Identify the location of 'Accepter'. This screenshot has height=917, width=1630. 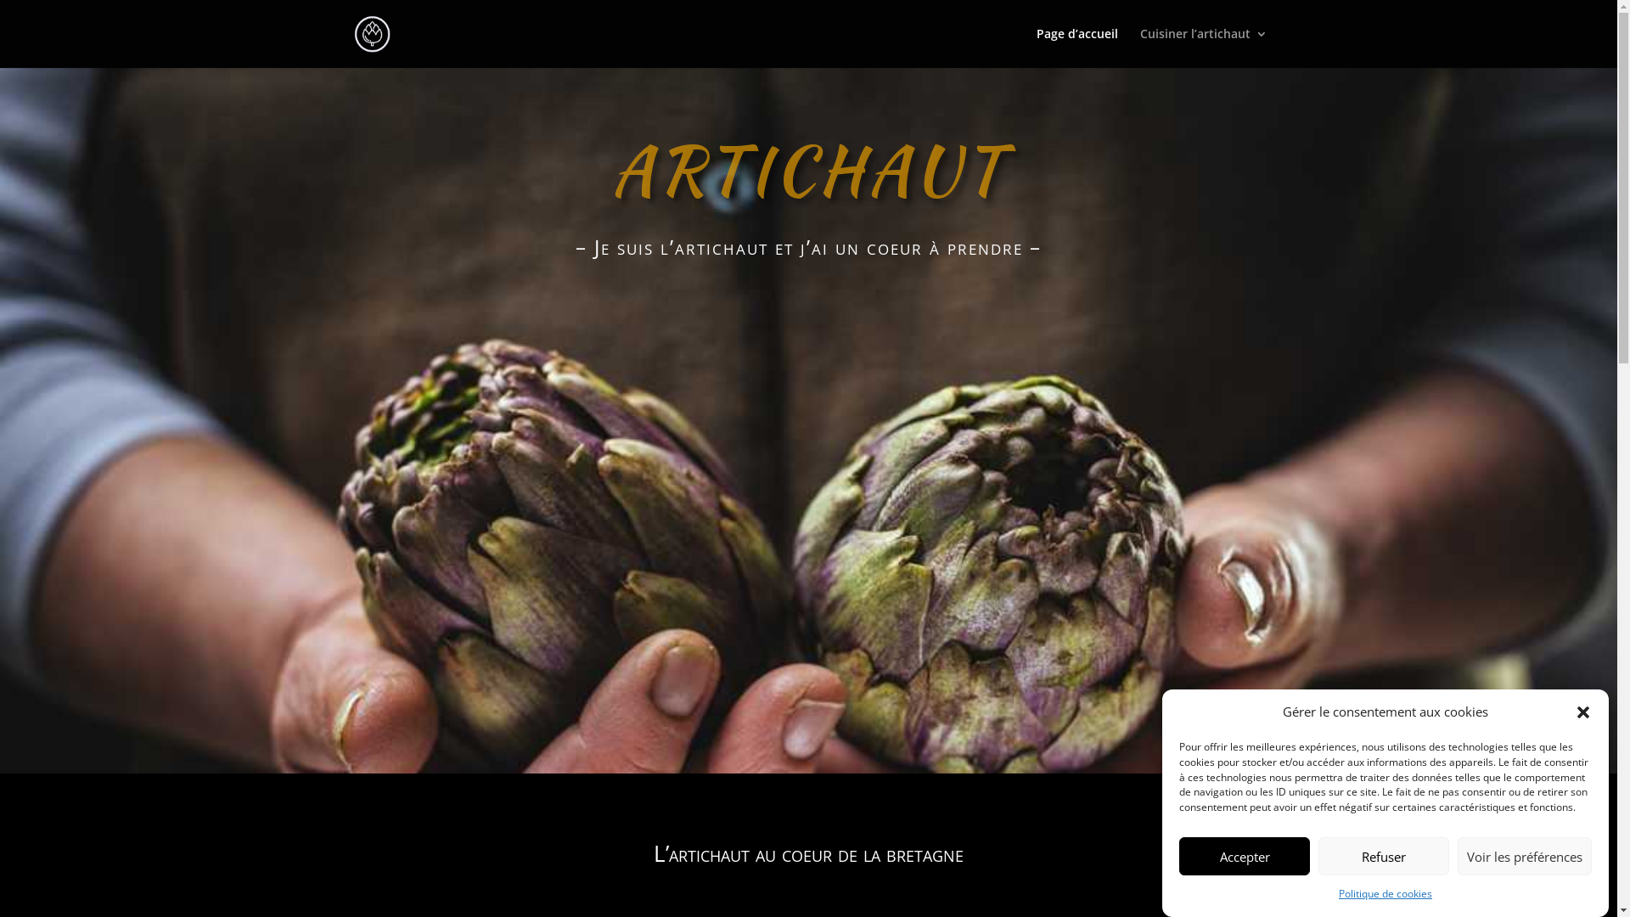
(1244, 856).